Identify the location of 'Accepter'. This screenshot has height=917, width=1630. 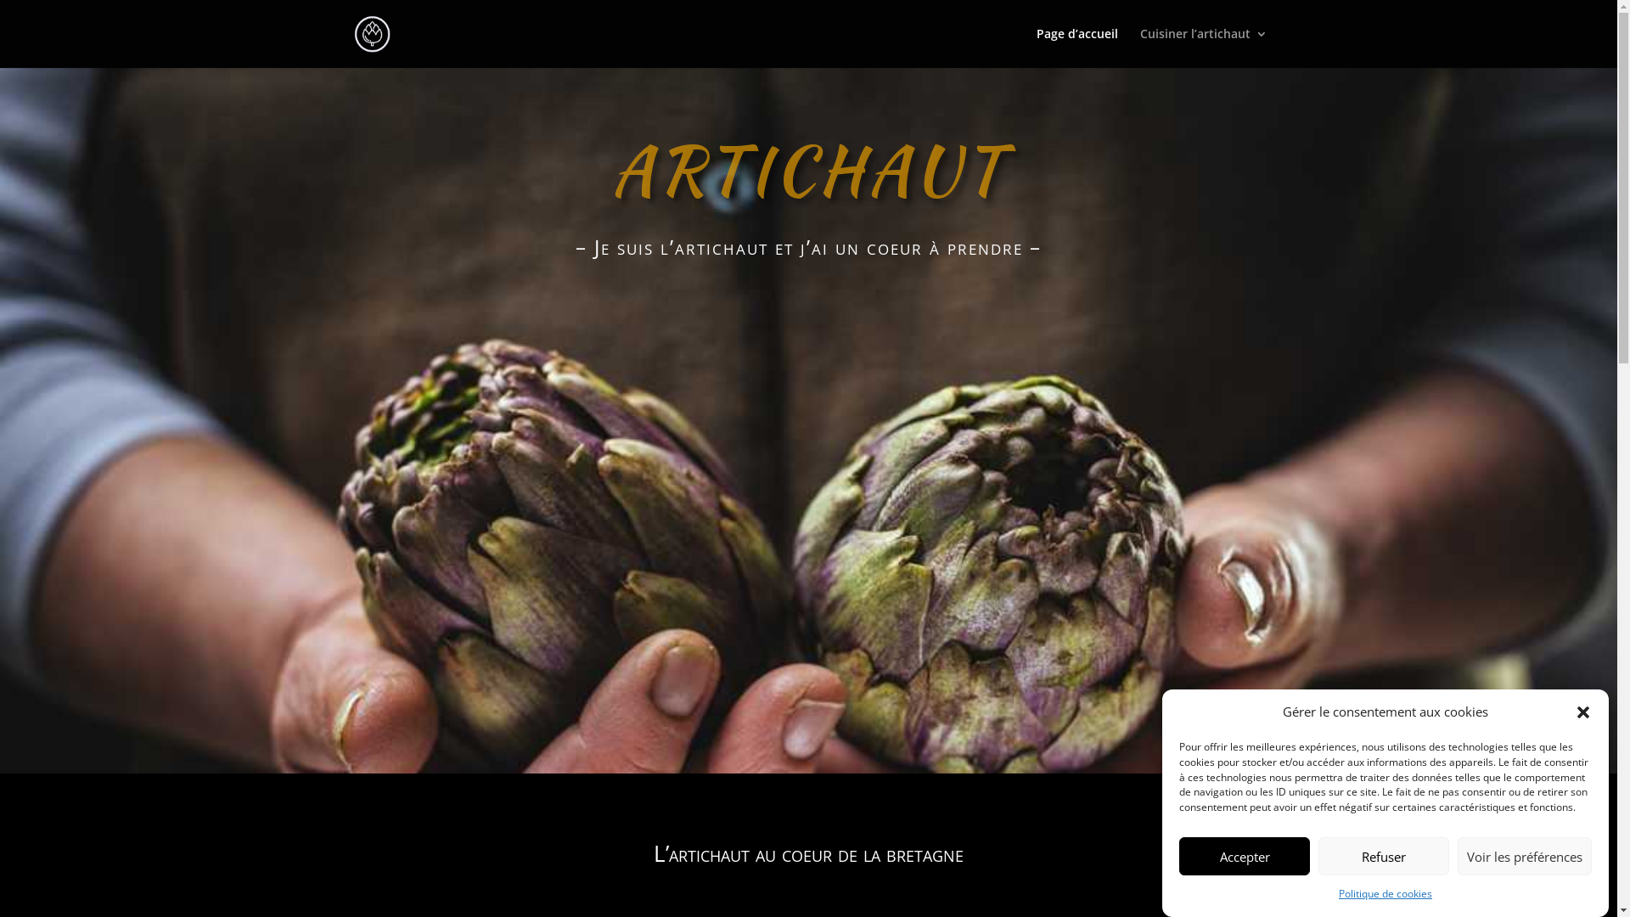
(1244, 856).